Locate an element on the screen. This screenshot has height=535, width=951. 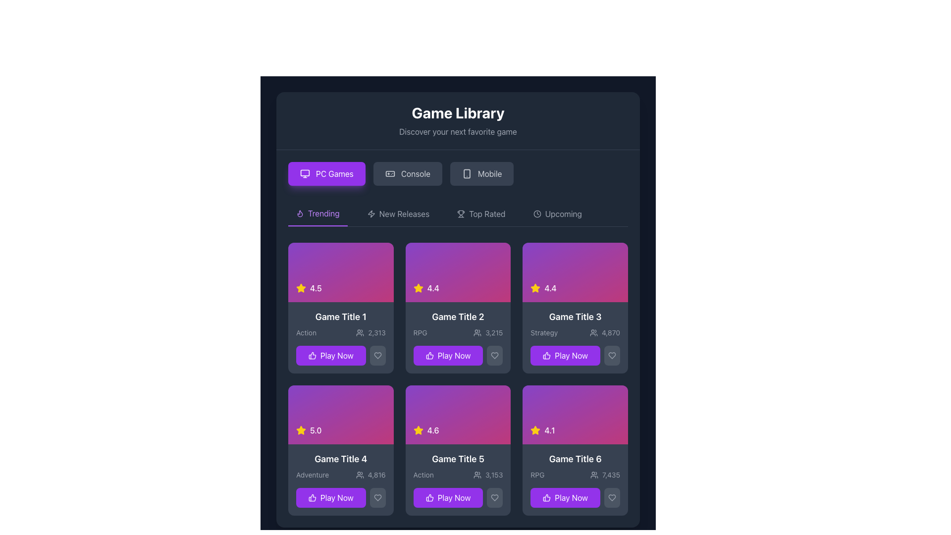
the heart-shaped icon located at the bottom-right corner of the card for 'Game Title 1' is located at coordinates (377, 355).